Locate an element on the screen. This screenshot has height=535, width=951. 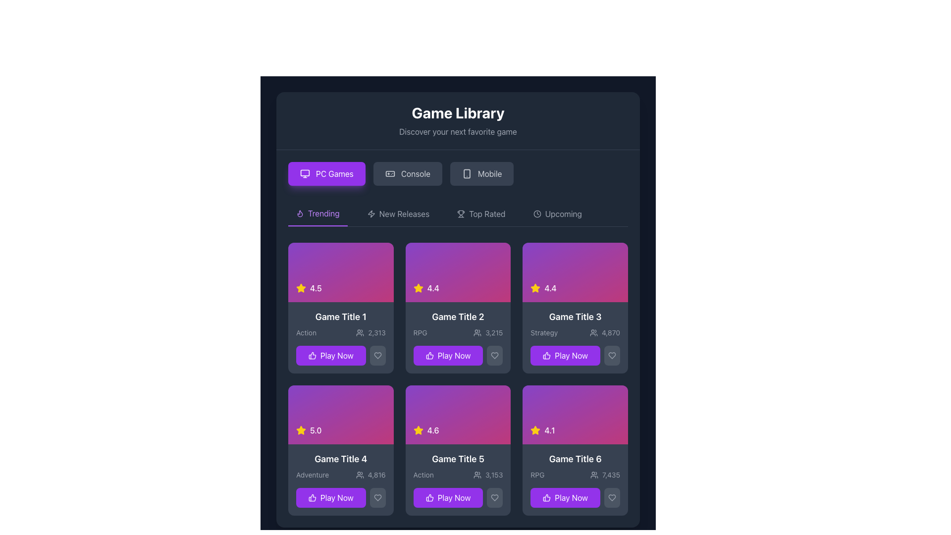
the heart-shaped icon located at the bottom-right corner of the card for 'Game Title 1' is located at coordinates (377, 355).